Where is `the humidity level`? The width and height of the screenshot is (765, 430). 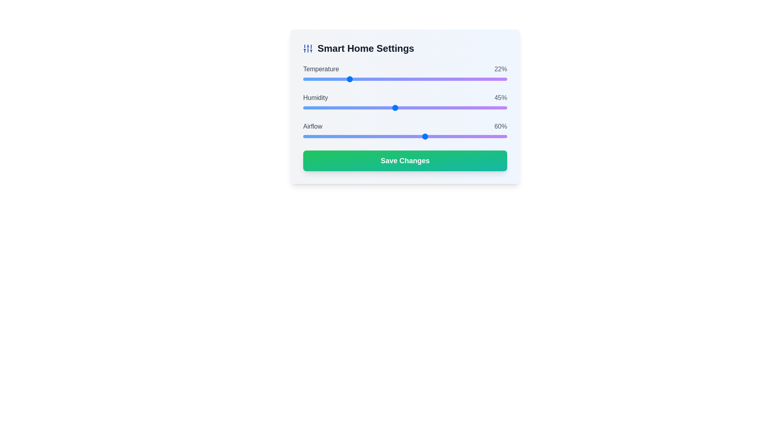 the humidity level is located at coordinates (466, 107).